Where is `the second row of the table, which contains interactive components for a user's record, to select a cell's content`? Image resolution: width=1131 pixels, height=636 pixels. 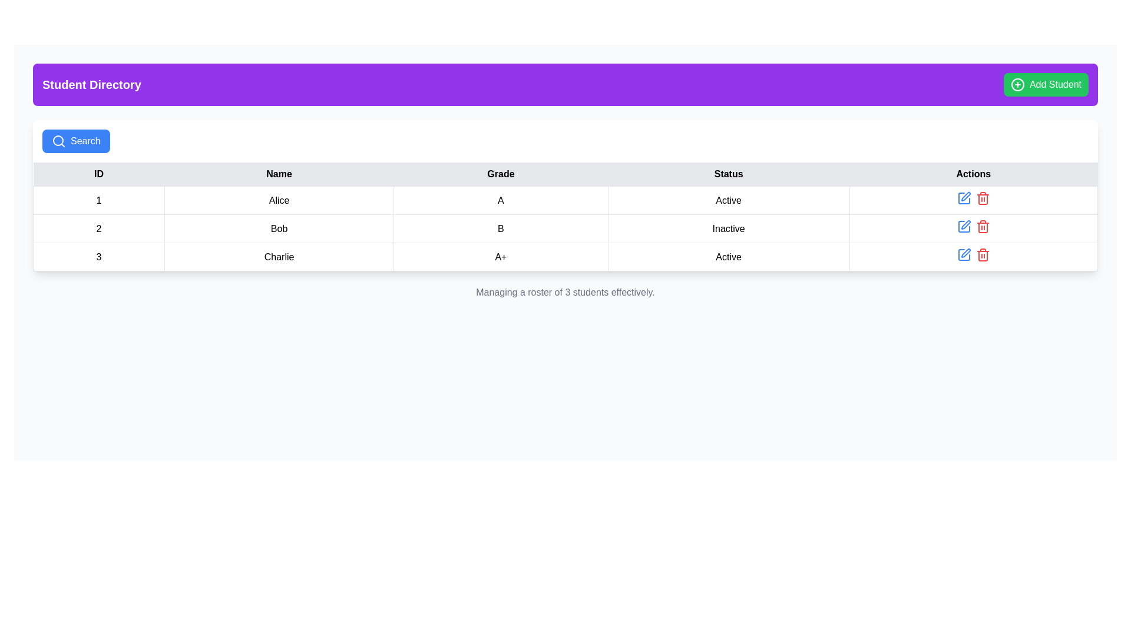 the second row of the table, which contains interactive components for a user's record, to select a cell's content is located at coordinates (565, 228).